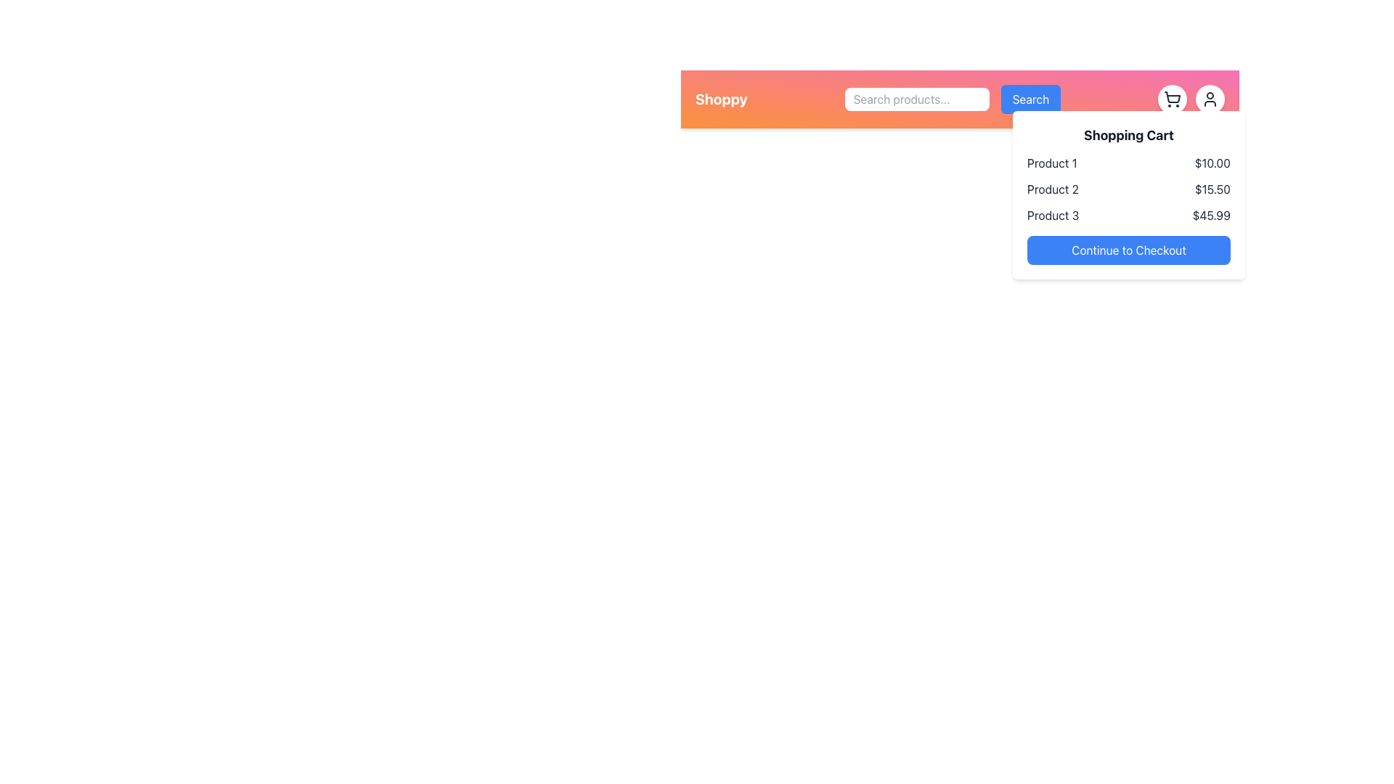 Image resolution: width=1394 pixels, height=784 pixels. What do you see at coordinates (1128, 216) in the screenshot?
I see `the price '$45.99' in the third row of the shopping cart display panel, which includes the product name 'Product 3' on the left and is styled in gray color` at bounding box center [1128, 216].